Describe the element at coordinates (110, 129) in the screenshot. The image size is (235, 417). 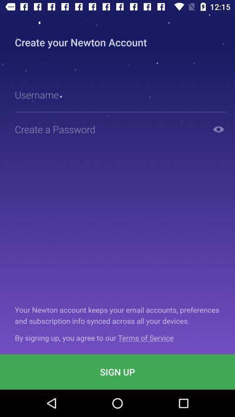
I see `type your password` at that location.